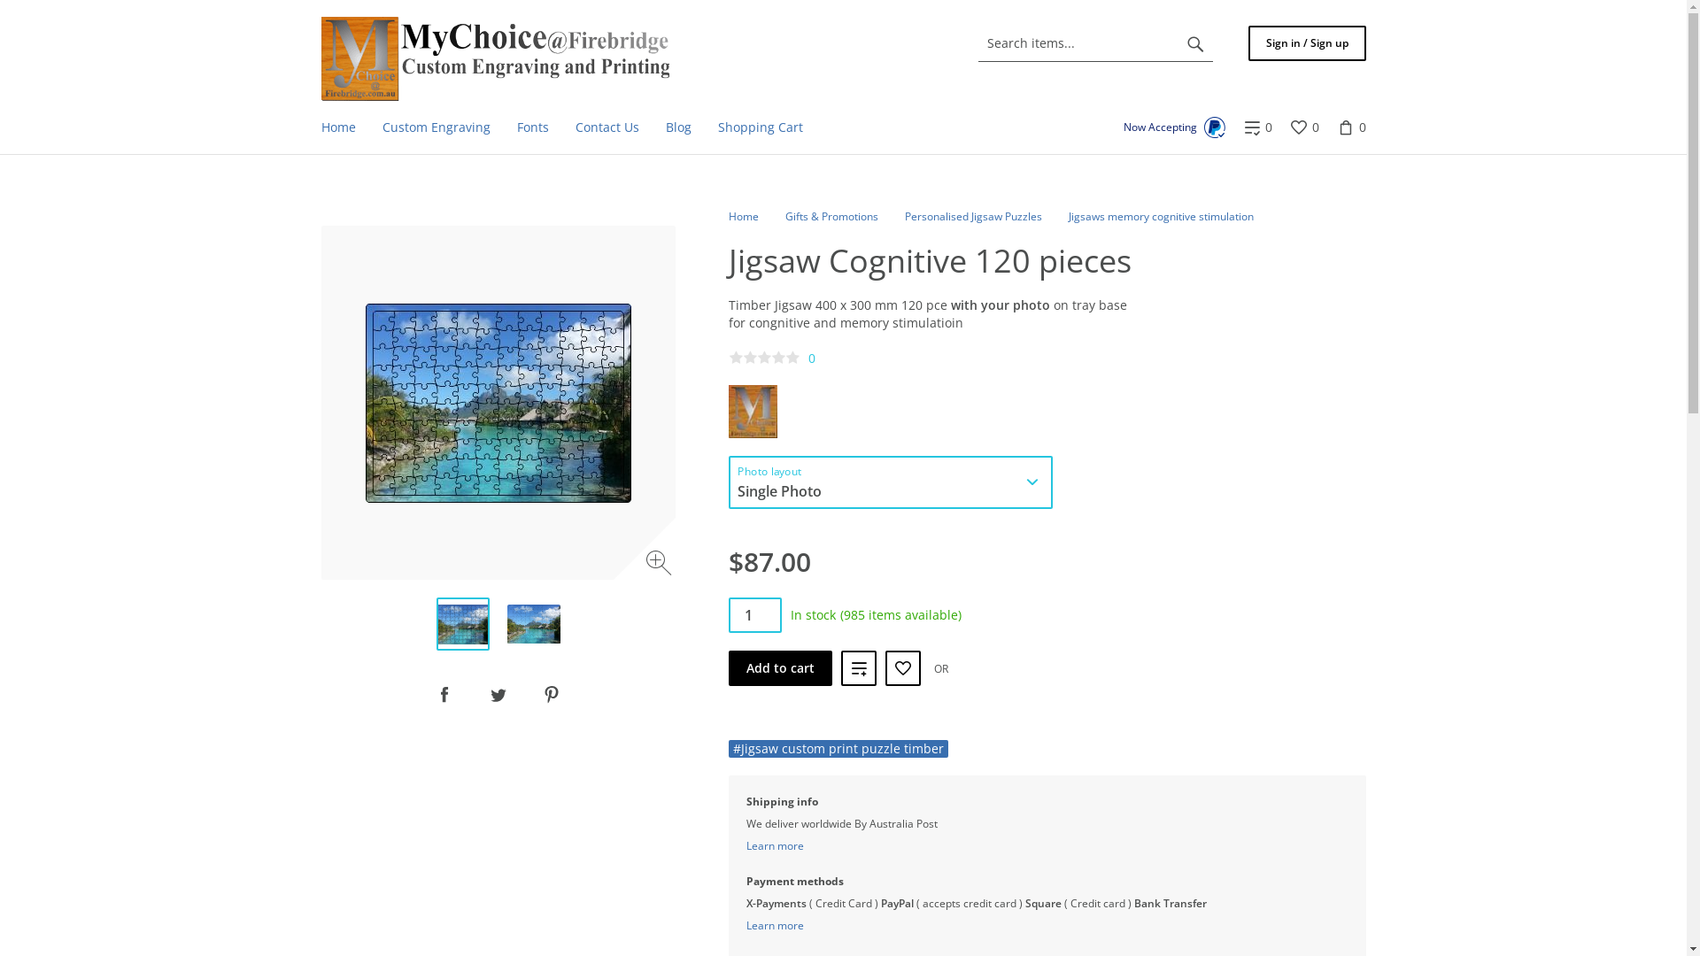 This screenshot has height=956, width=1700. What do you see at coordinates (779, 668) in the screenshot?
I see `'Add to cart'` at bounding box center [779, 668].